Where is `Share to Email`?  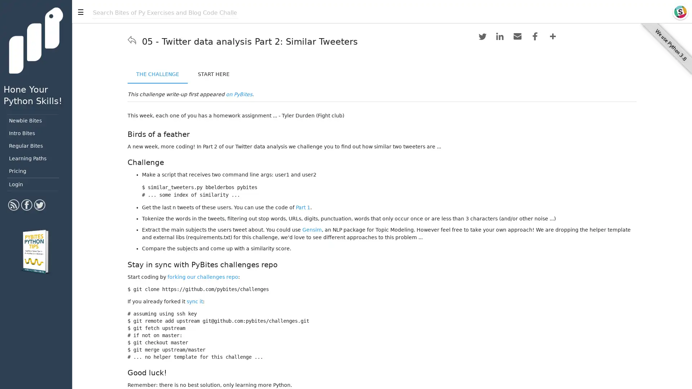
Share to Email is located at coordinates (515, 36).